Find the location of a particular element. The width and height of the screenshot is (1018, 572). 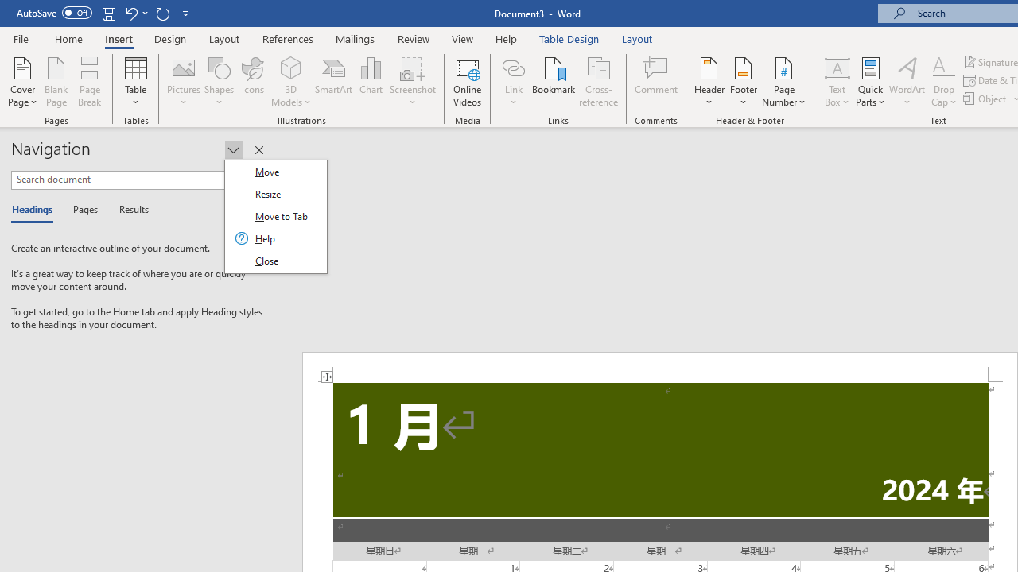

'Bookmark...' is located at coordinates (554, 82).